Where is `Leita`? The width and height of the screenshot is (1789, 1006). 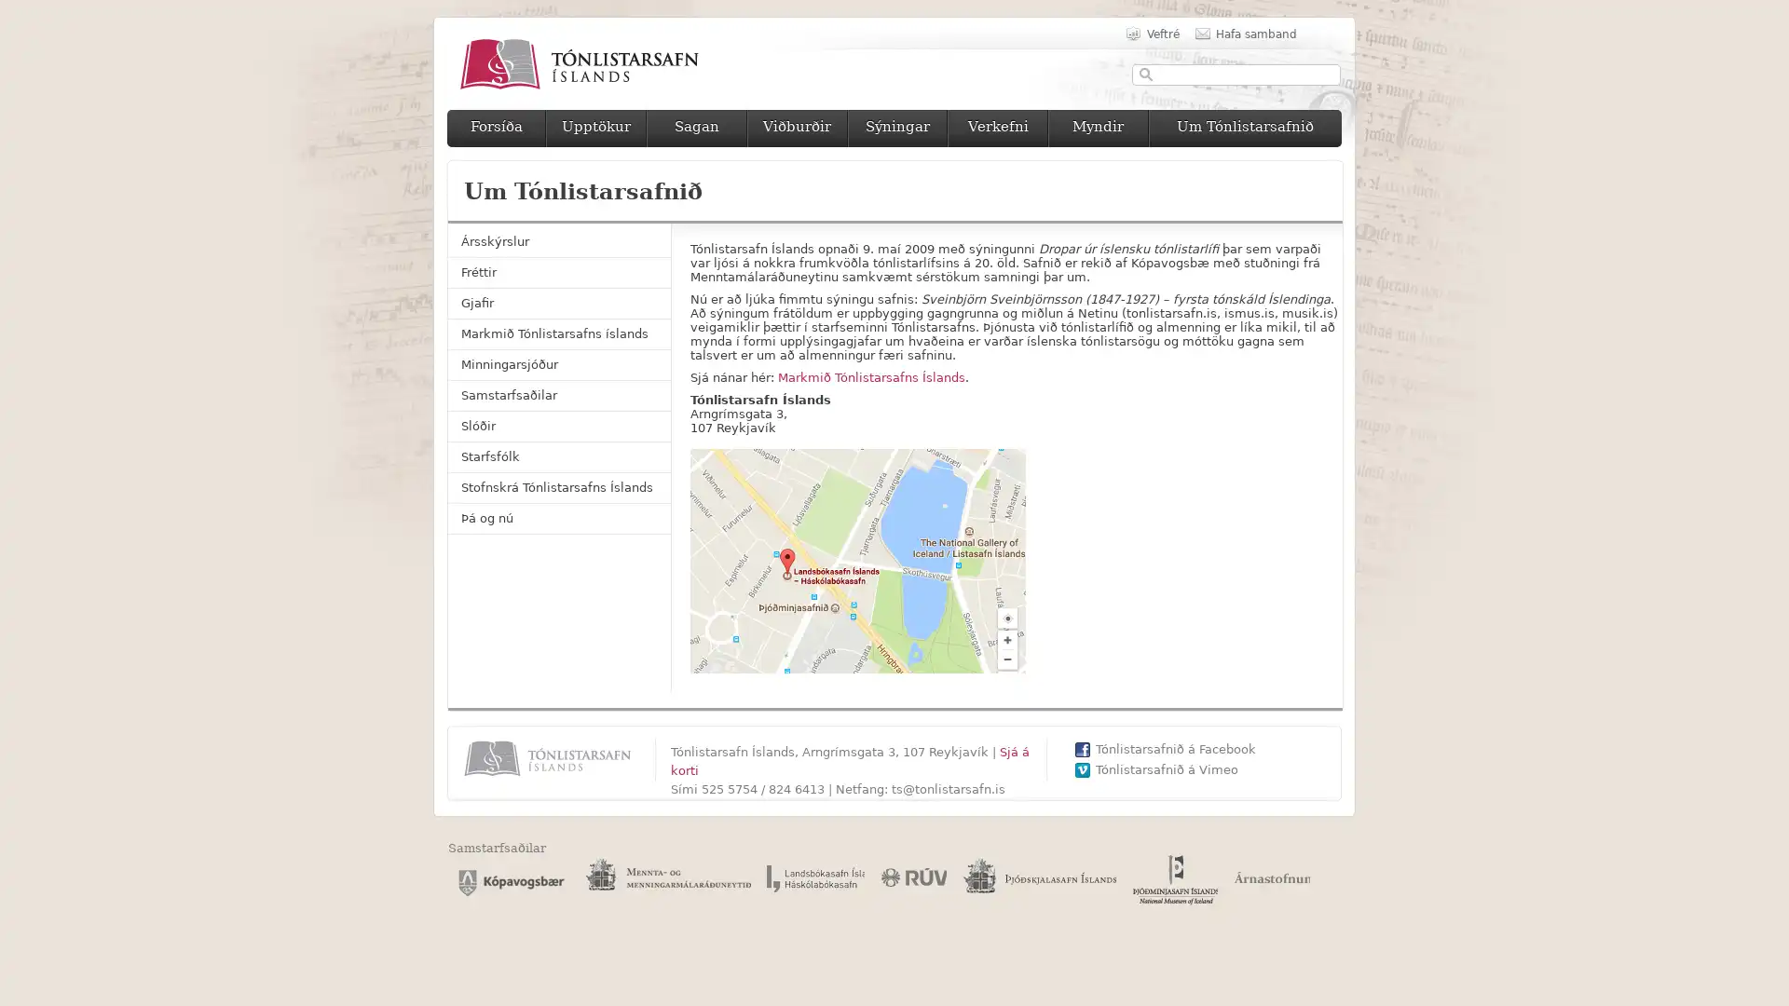 Leita is located at coordinates (1145, 74).